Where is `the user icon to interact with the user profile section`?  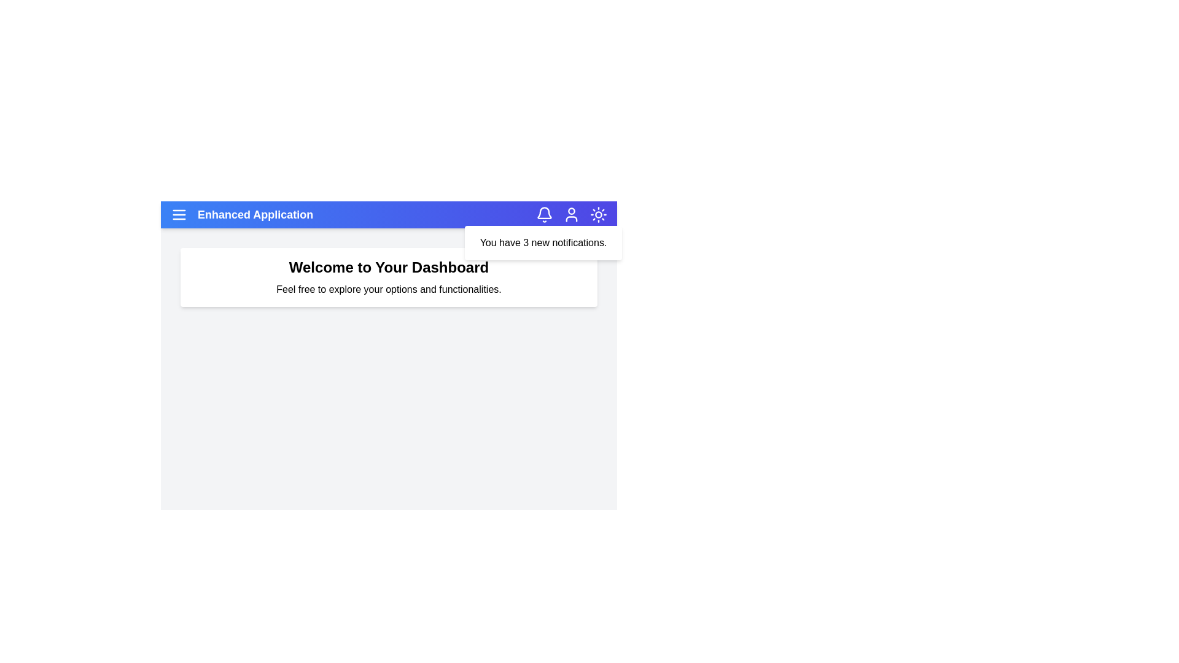
the user icon to interact with the user profile section is located at coordinates (571, 214).